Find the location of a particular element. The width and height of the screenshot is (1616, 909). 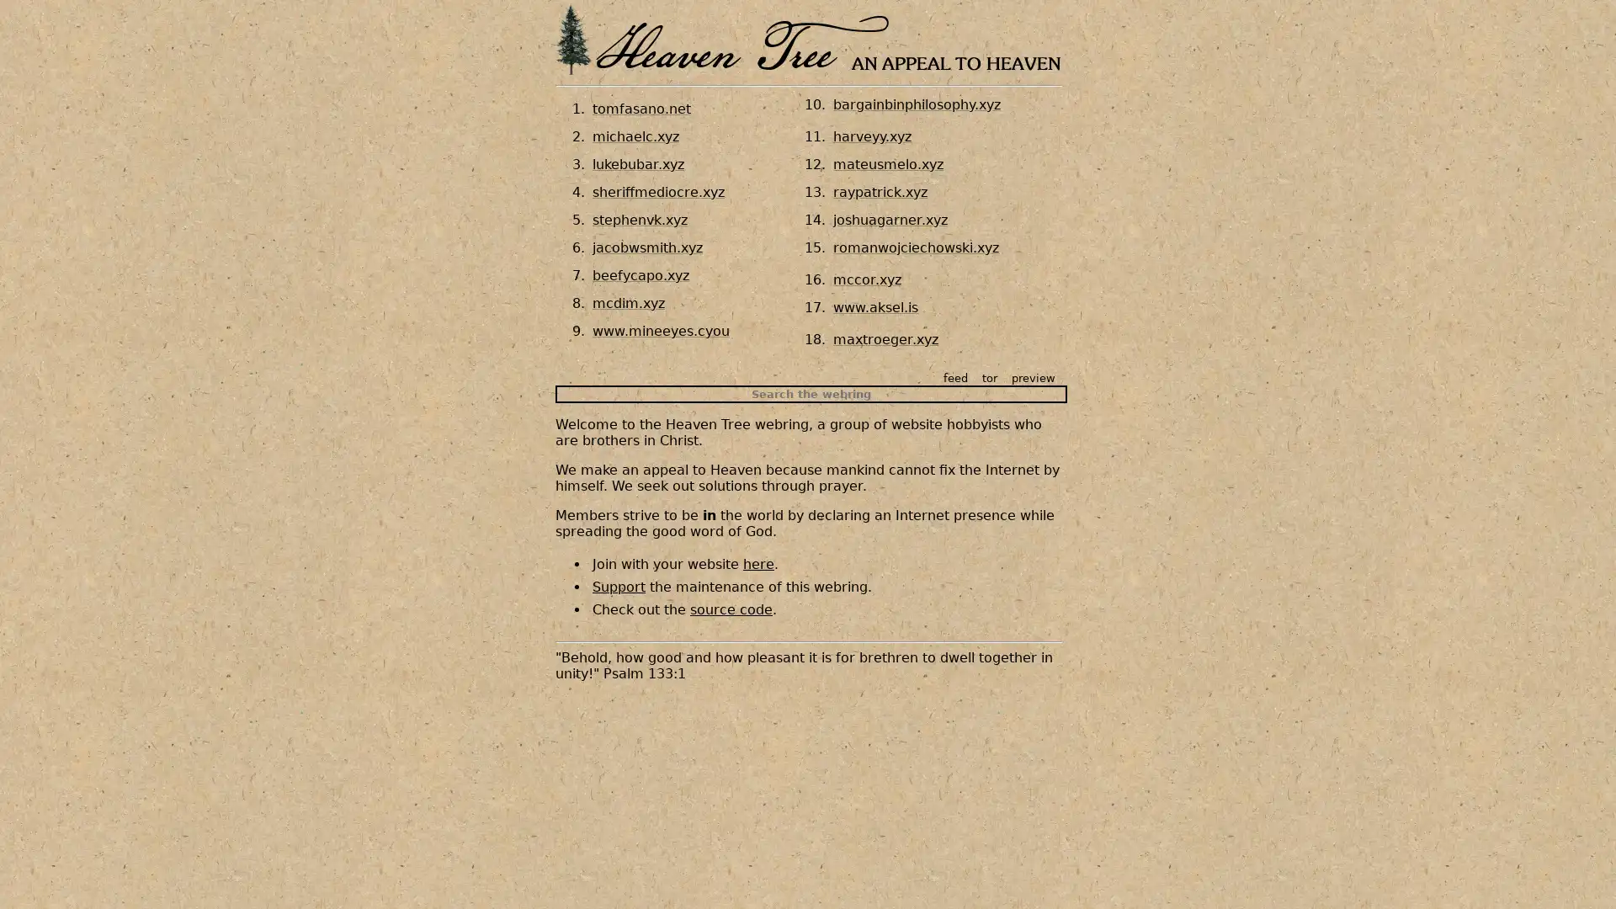

feed is located at coordinates (955, 377).